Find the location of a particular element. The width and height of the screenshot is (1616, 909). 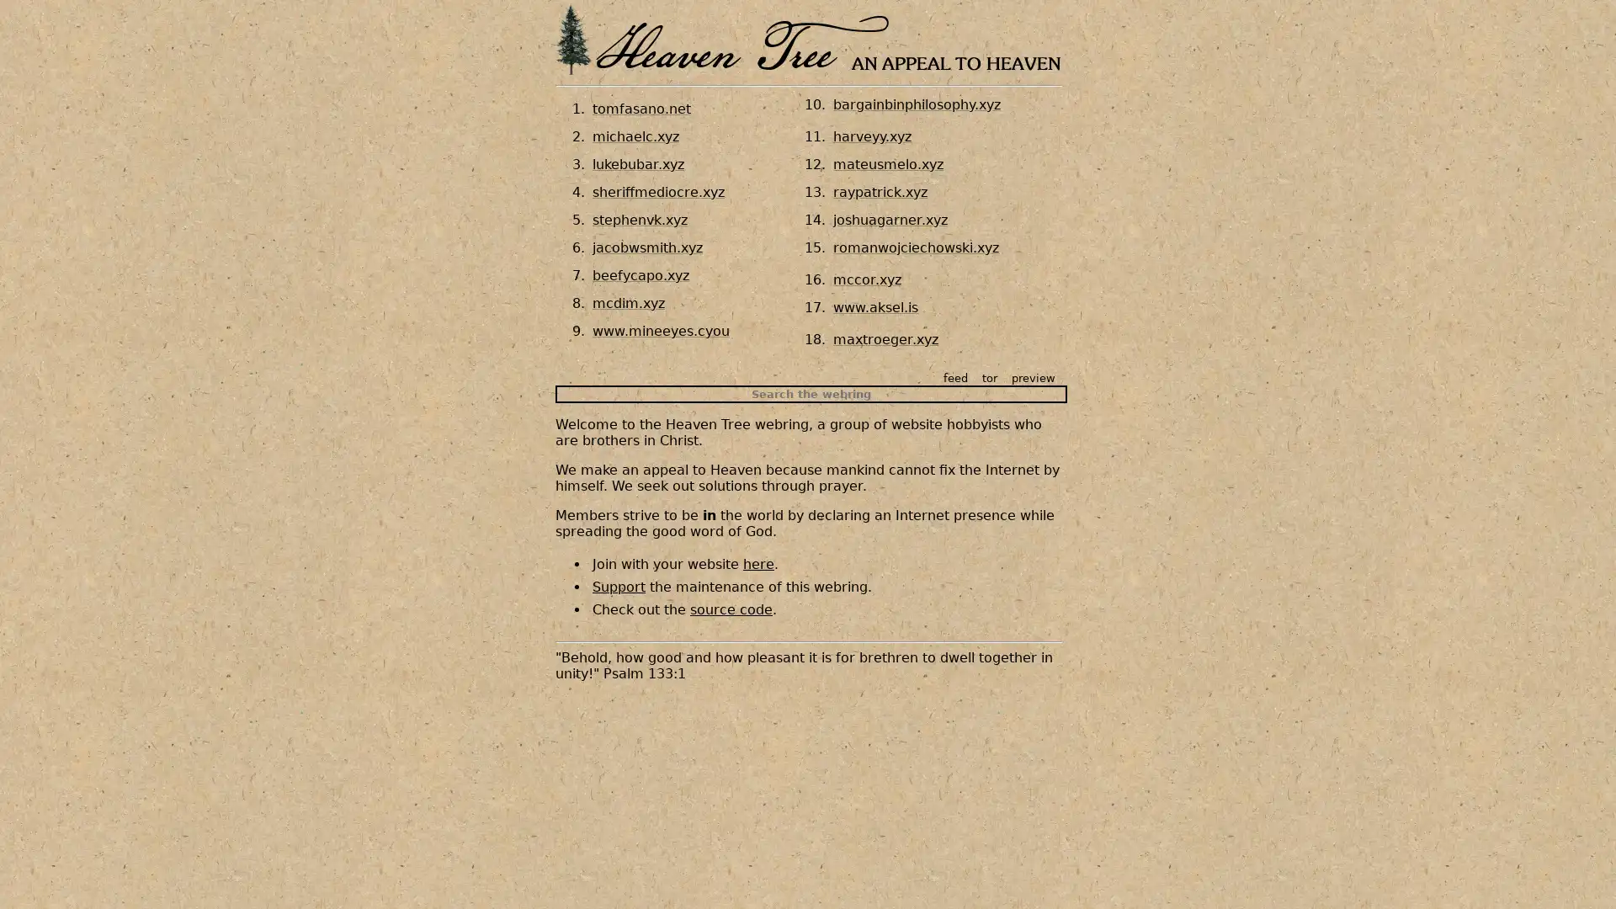

feed is located at coordinates (955, 377).